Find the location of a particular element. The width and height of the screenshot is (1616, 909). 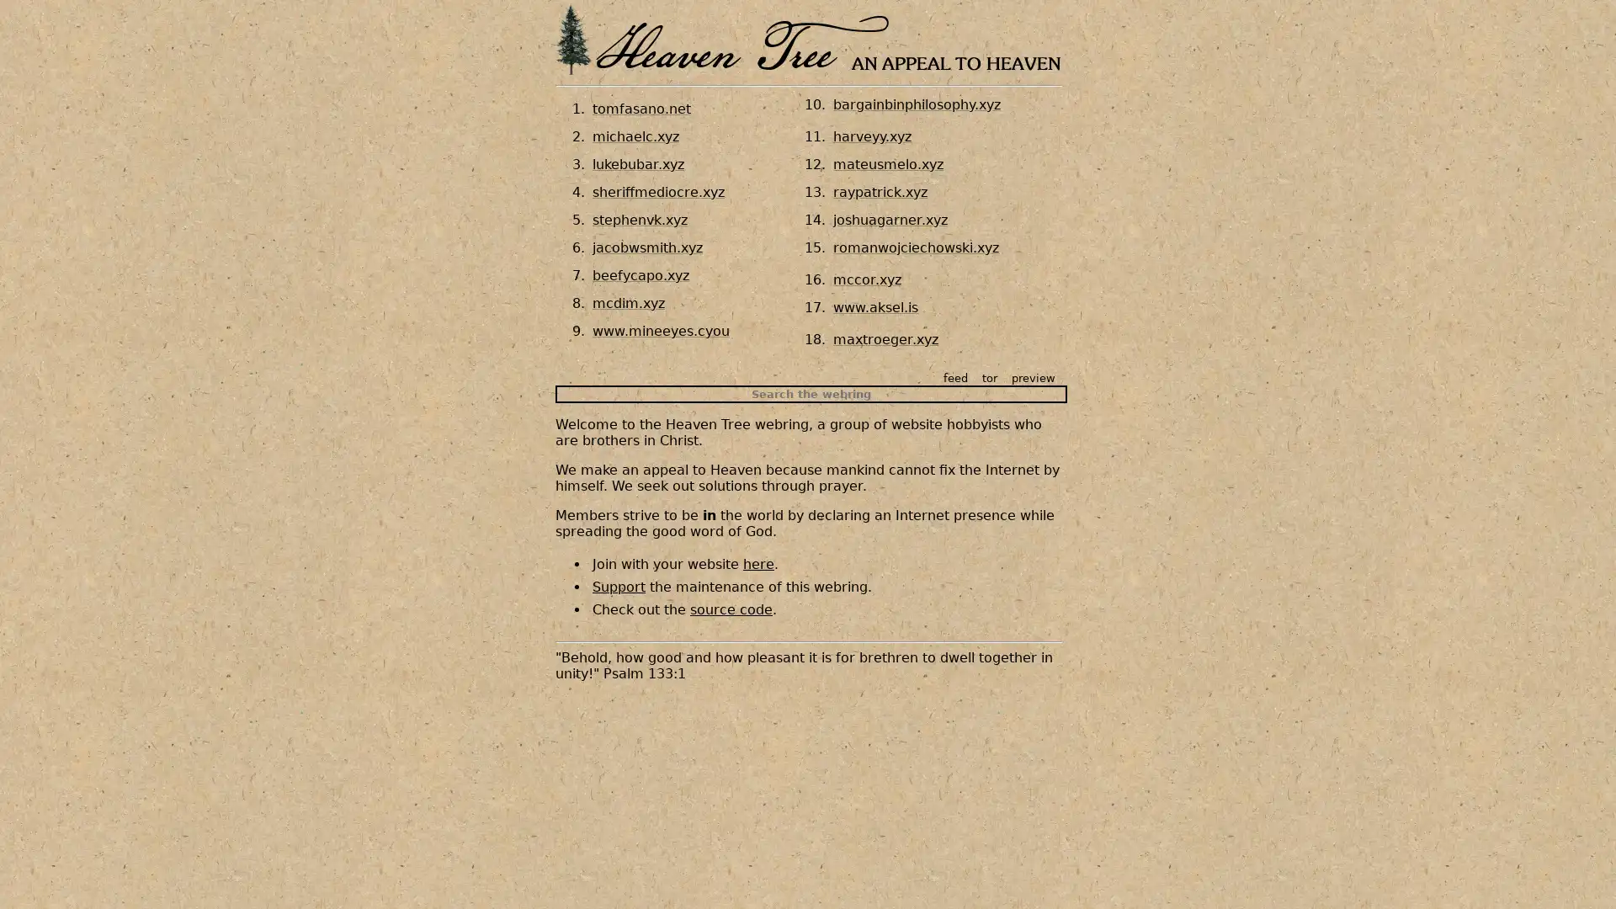

feed is located at coordinates (955, 377).